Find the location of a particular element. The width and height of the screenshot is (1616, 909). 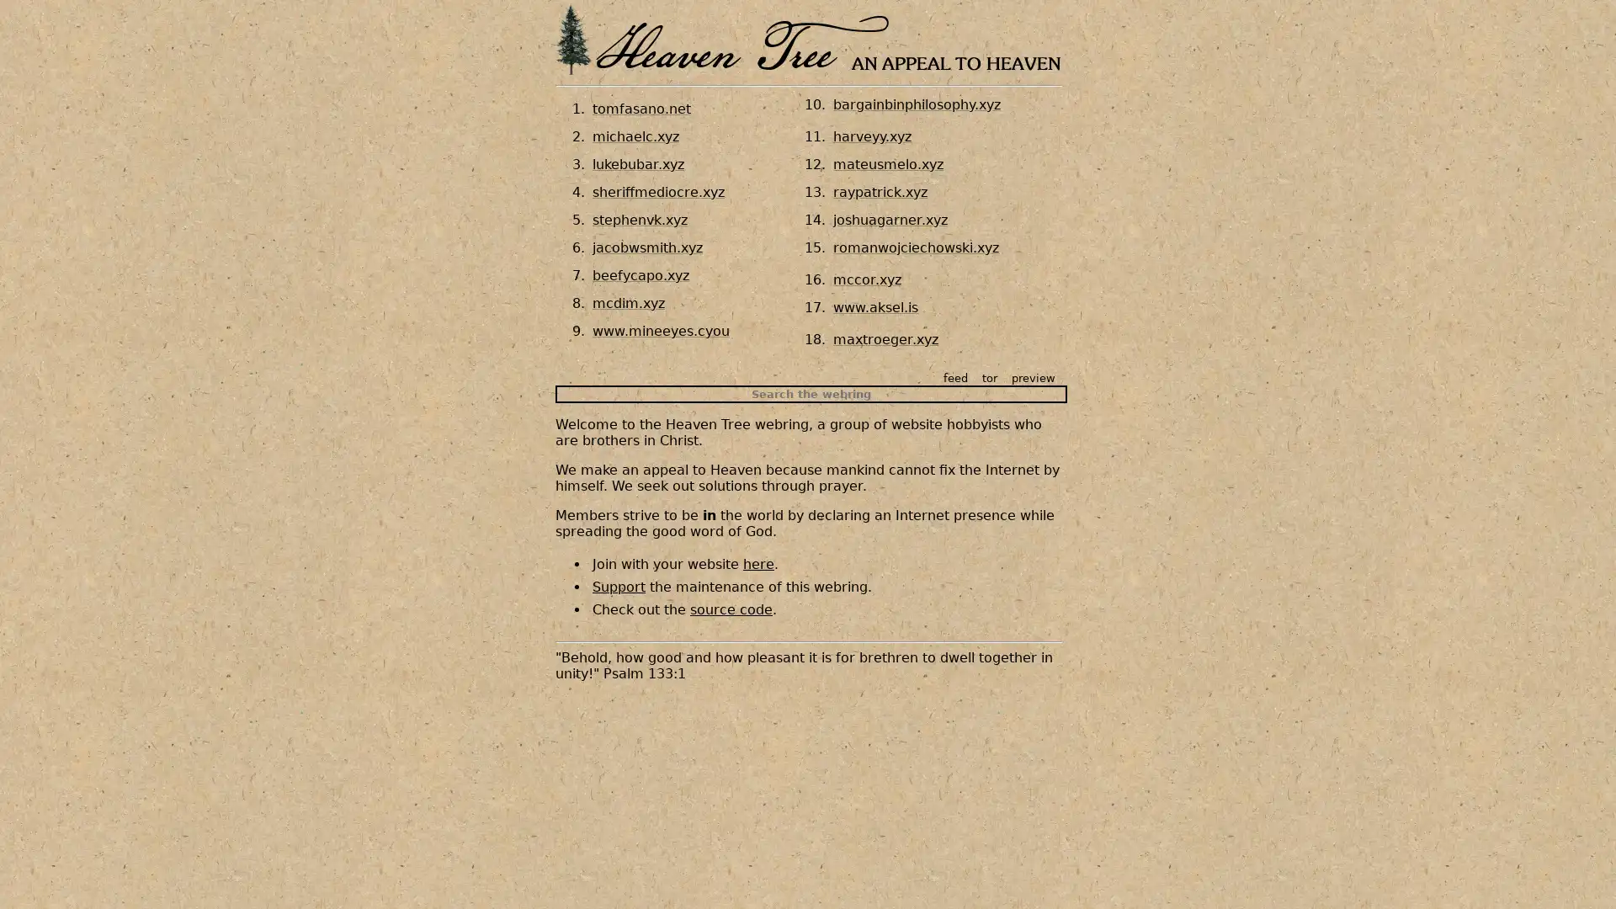

feed is located at coordinates (955, 377).